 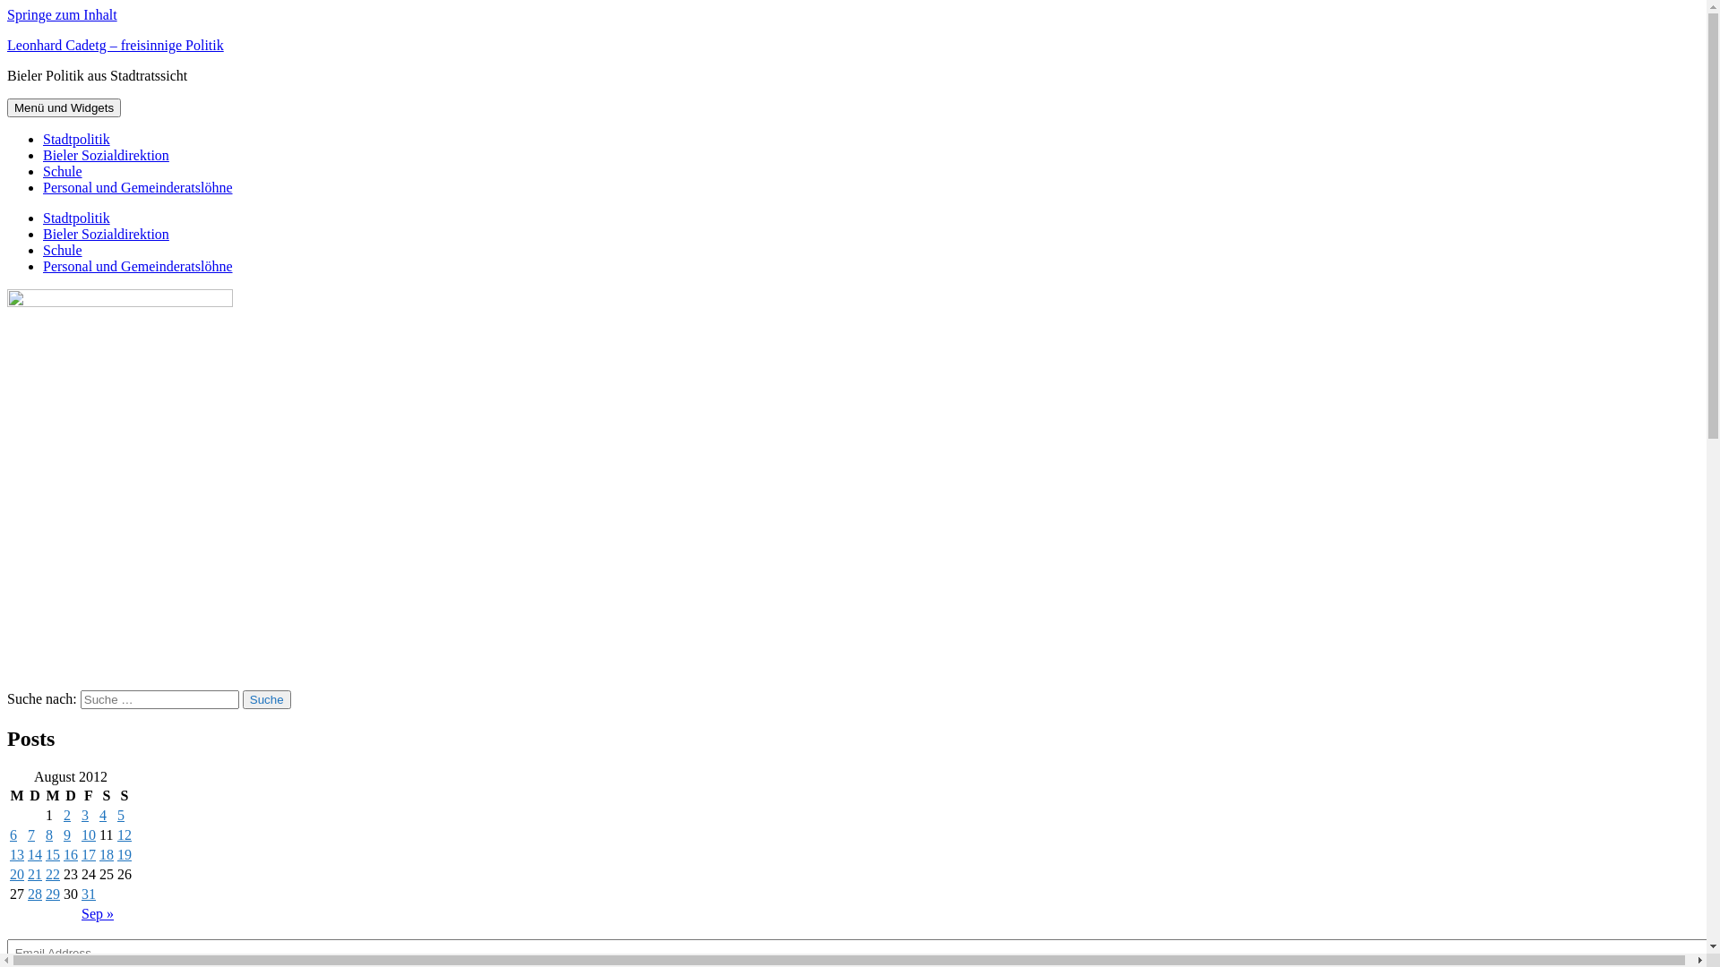 What do you see at coordinates (105, 154) in the screenshot?
I see `'Bieler Sozialdirektion'` at bounding box center [105, 154].